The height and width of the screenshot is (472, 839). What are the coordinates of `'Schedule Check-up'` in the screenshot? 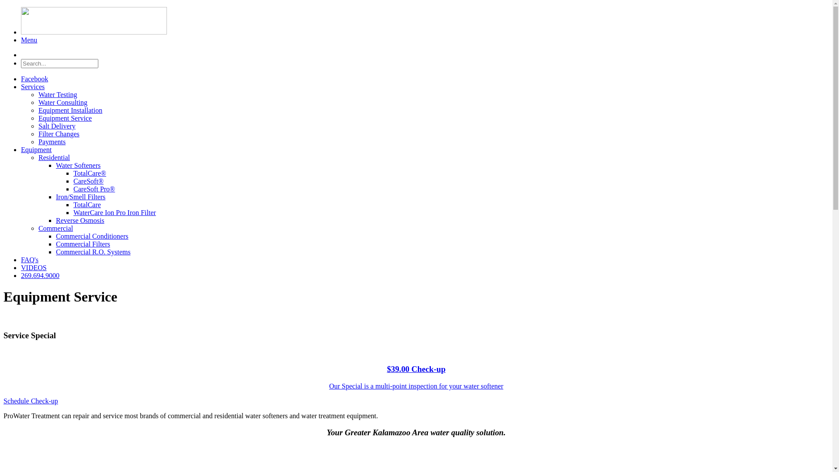 It's located at (31, 401).